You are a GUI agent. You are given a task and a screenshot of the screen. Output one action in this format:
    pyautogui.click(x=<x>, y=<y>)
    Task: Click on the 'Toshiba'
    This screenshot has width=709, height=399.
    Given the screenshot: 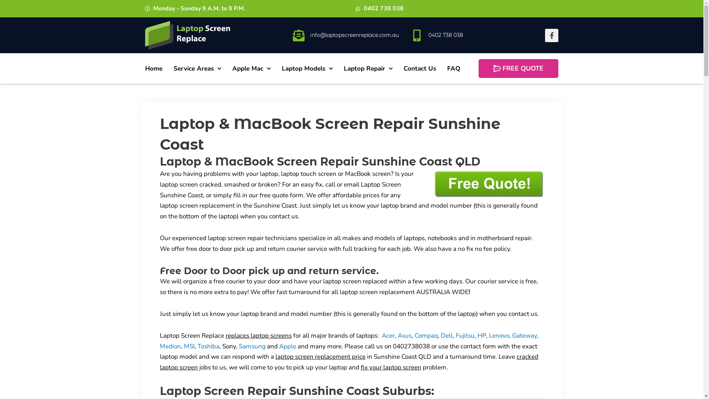 What is the action you would take?
    pyautogui.click(x=208, y=346)
    